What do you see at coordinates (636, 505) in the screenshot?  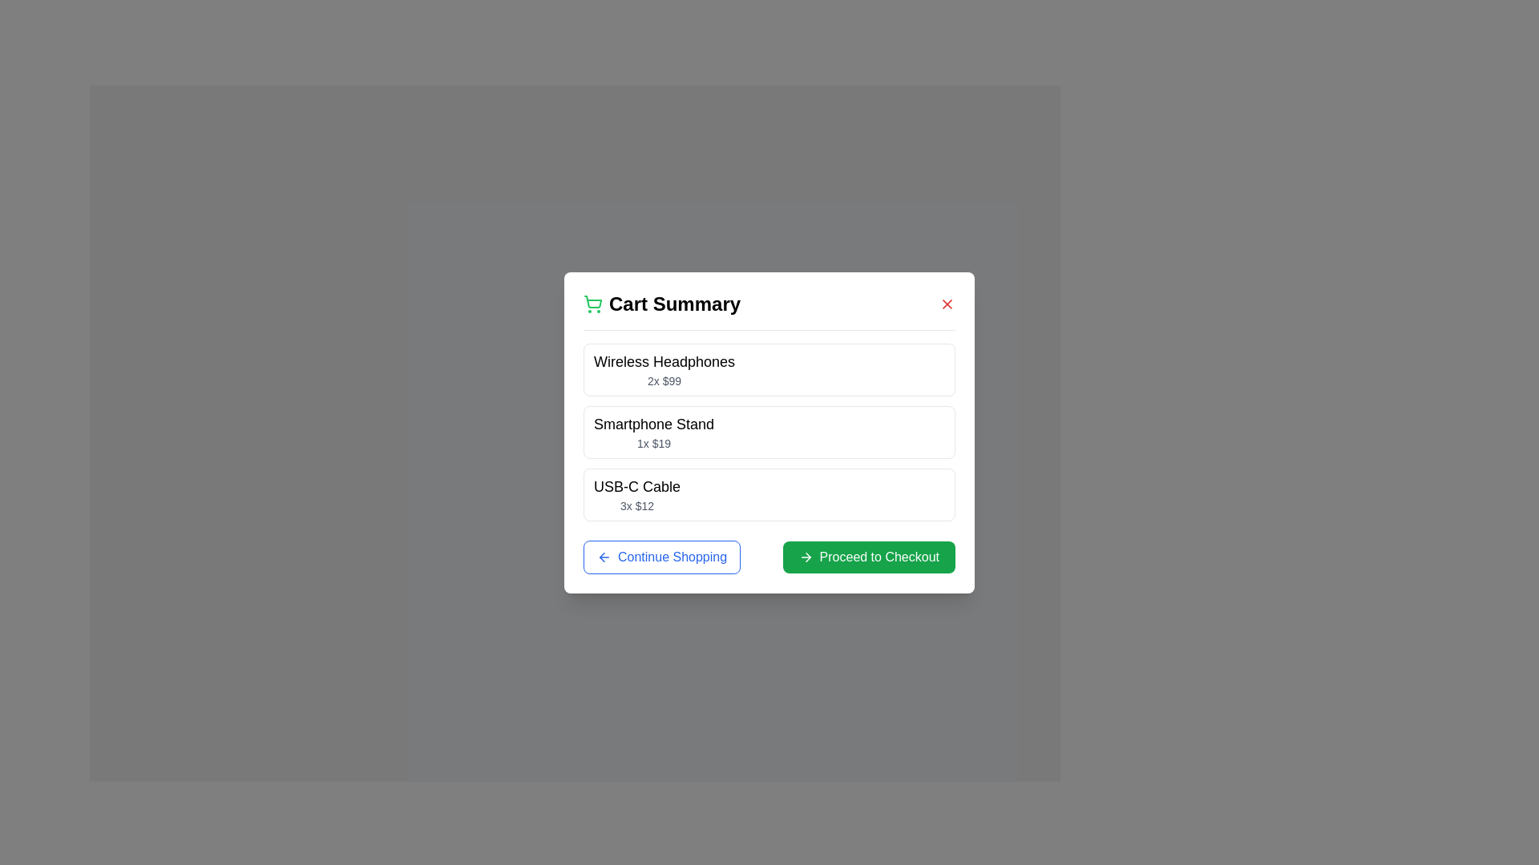 I see `text displayed in the quantity and price per unit of the 'USB-C Cable' in the cart summary, which is located directly below the title of the product` at bounding box center [636, 505].